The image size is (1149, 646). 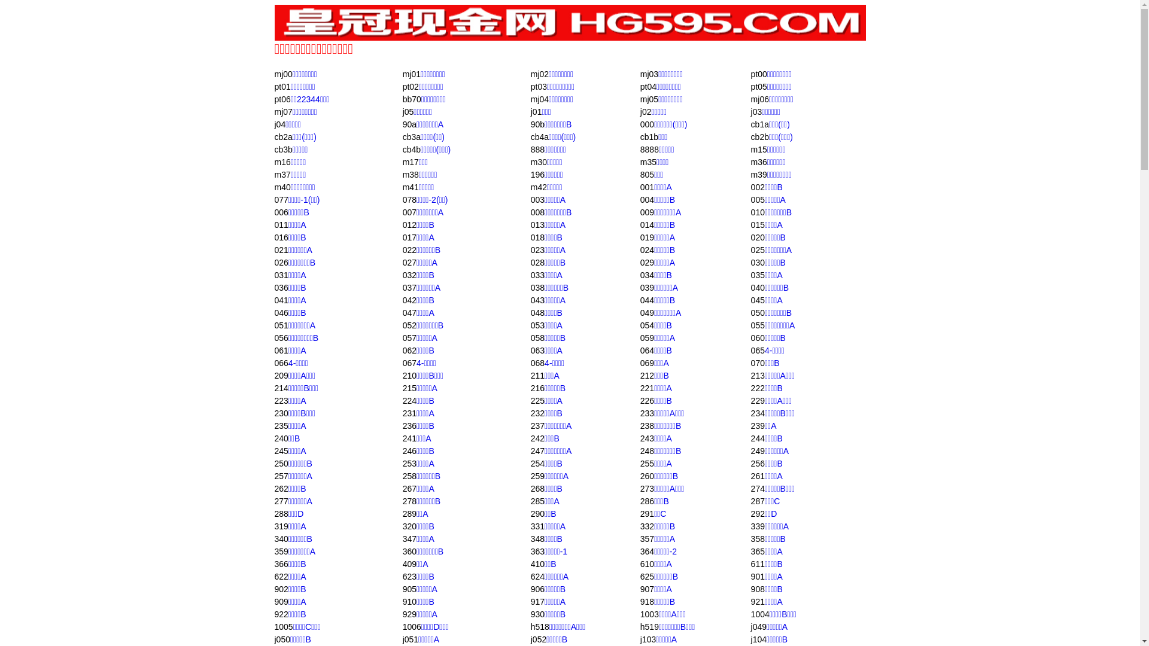 What do you see at coordinates (537, 525) in the screenshot?
I see `'331'` at bounding box center [537, 525].